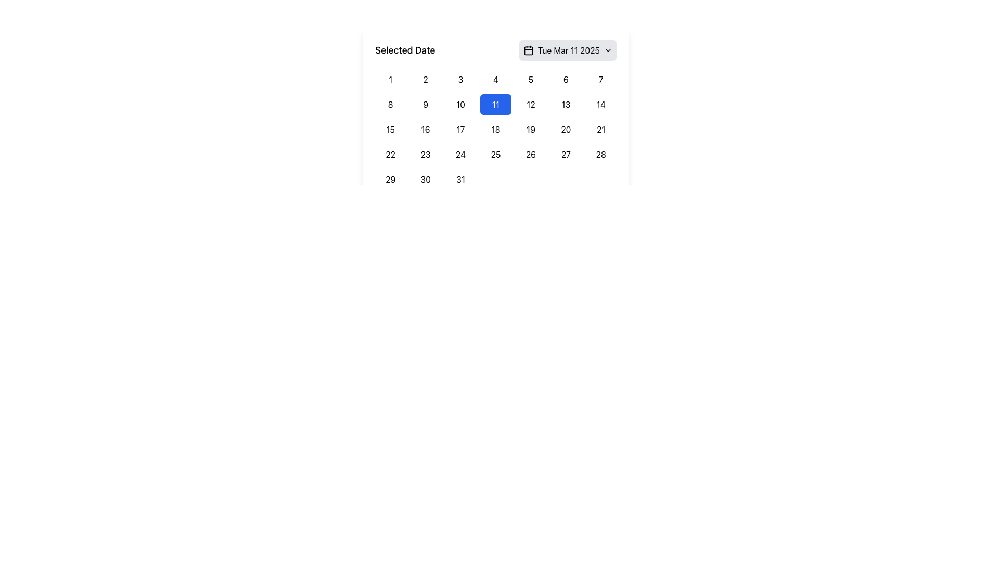 This screenshot has height=562, width=999. Describe the element at coordinates (565, 155) in the screenshot. I see `the rectangular button displaying the number '27' in black text` at that location.